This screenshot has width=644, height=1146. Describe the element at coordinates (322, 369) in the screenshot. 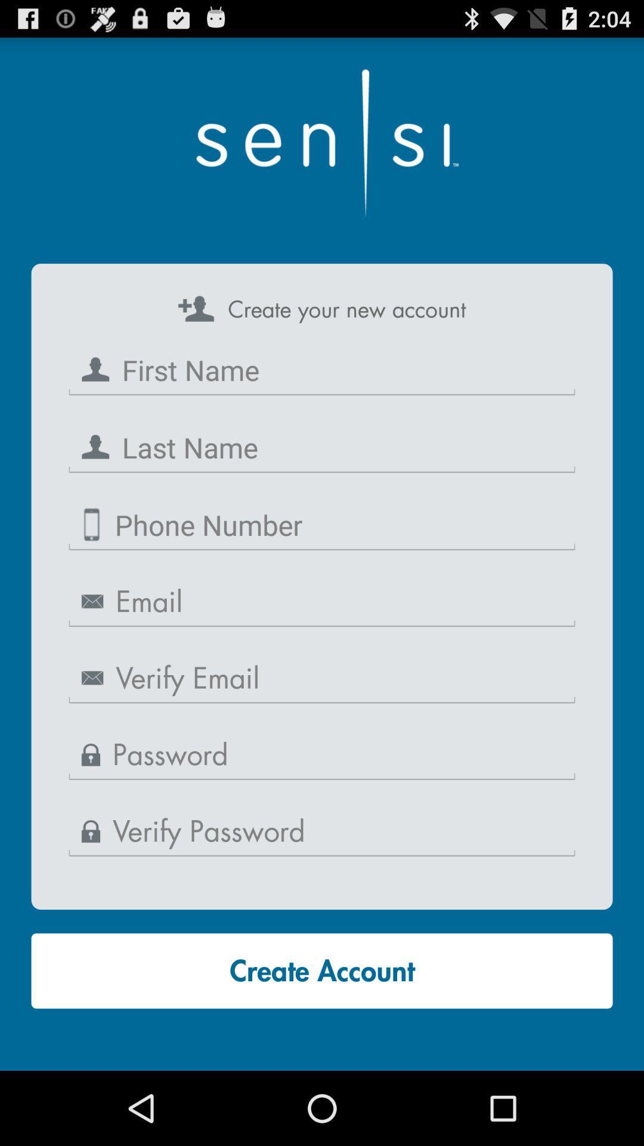

I see `fill in your first name` at that location.